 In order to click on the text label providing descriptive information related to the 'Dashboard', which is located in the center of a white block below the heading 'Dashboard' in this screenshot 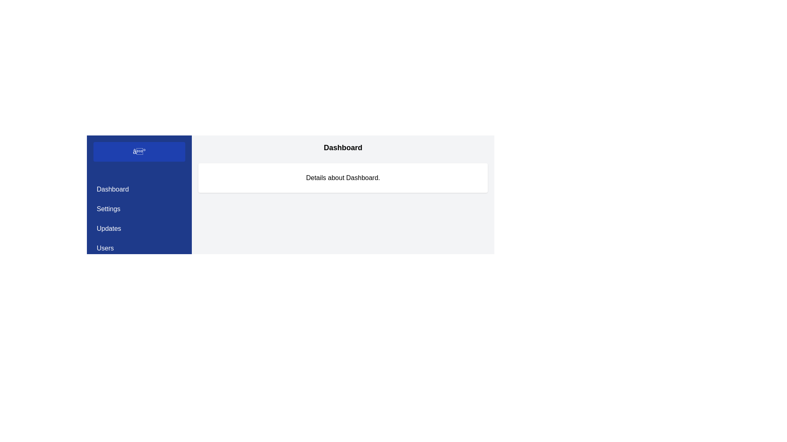, I will do `click(343, 178)`.